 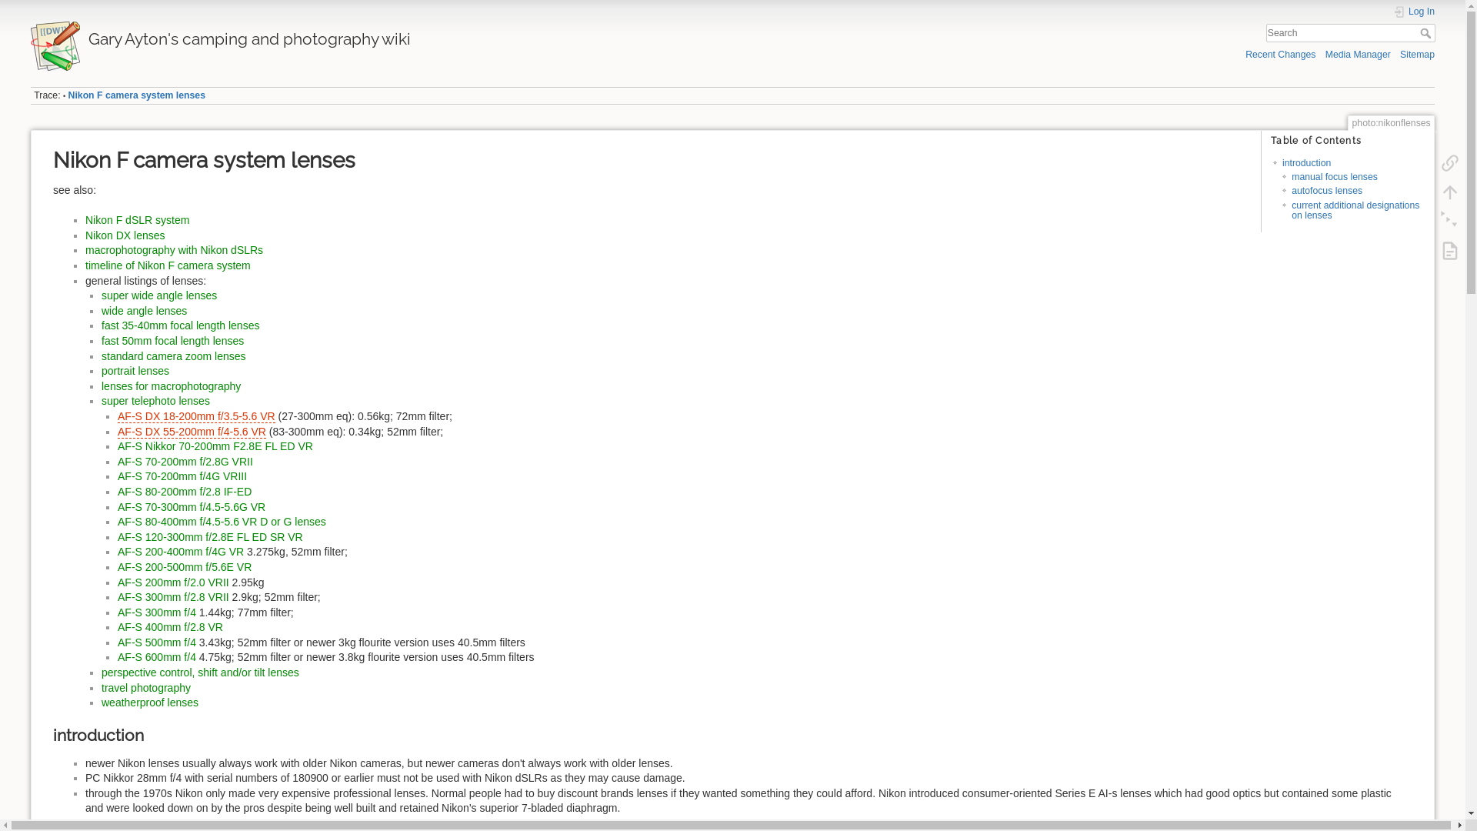 What do you see at coordinates (191, 432) in the screenshot?
I see `'AF-S DX 55-200mm f/4-5.6 VR'` at bounding box center [191, 432].